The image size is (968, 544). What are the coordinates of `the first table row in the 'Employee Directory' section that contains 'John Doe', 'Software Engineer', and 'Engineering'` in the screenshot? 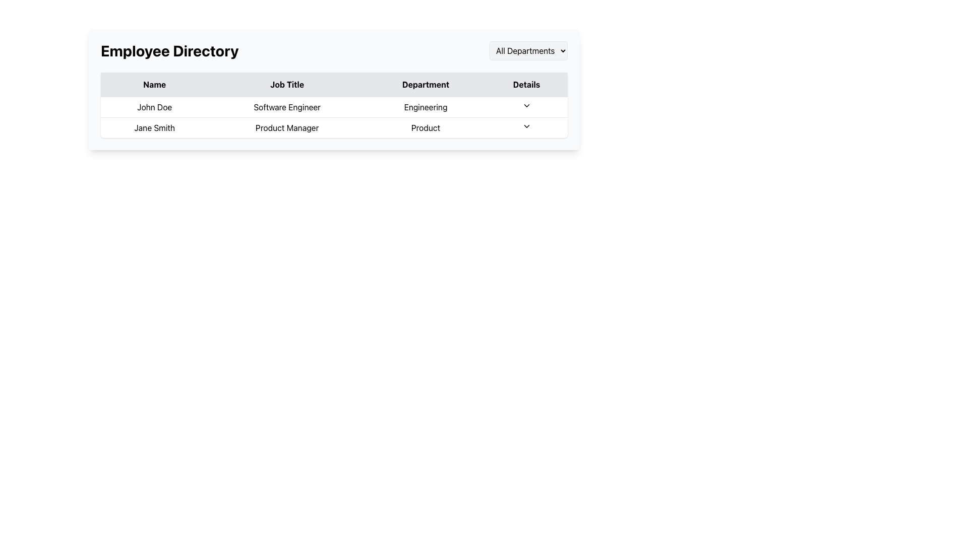 It's located at (334, 107).